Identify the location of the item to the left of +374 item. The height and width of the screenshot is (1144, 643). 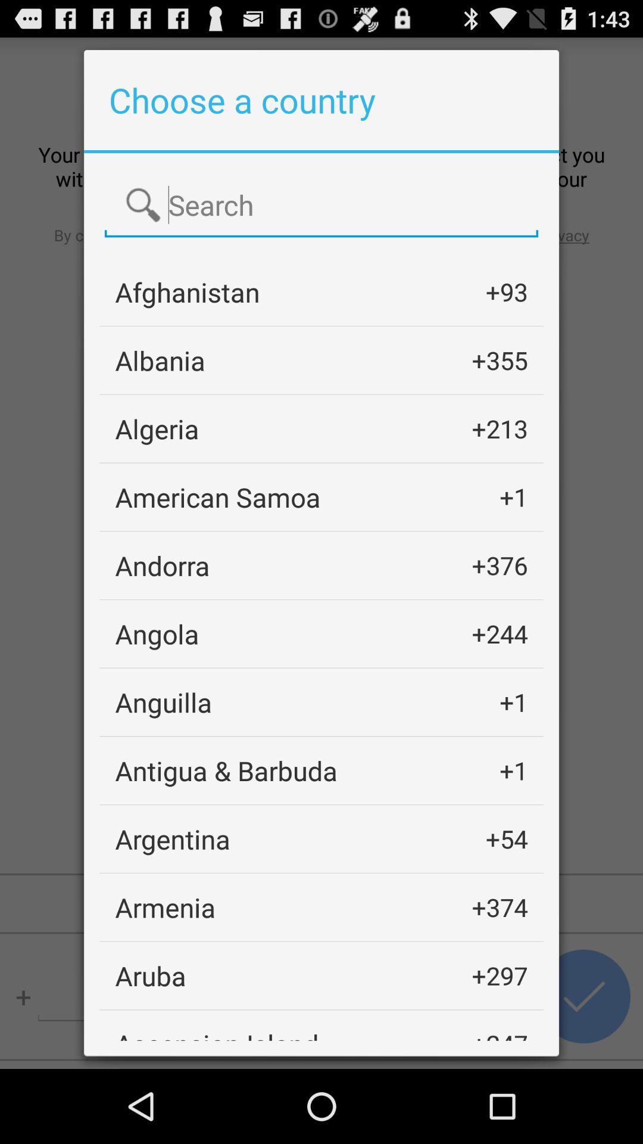
(165, 906).